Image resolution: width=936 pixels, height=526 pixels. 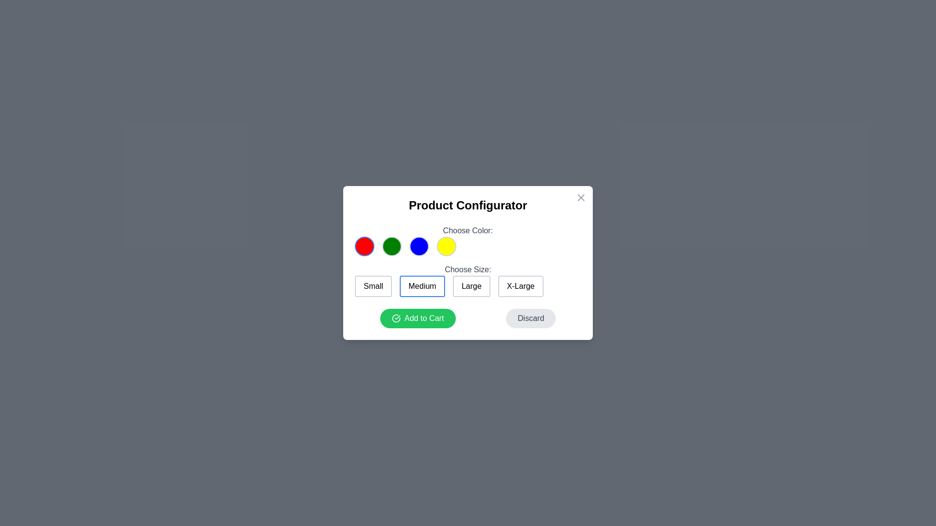 I want to click on the 'Large' button using tab navigation, which is the third button under the 'Choose Size:' heading in the 'Product Configurator' modal, so click(x=468, y=285).